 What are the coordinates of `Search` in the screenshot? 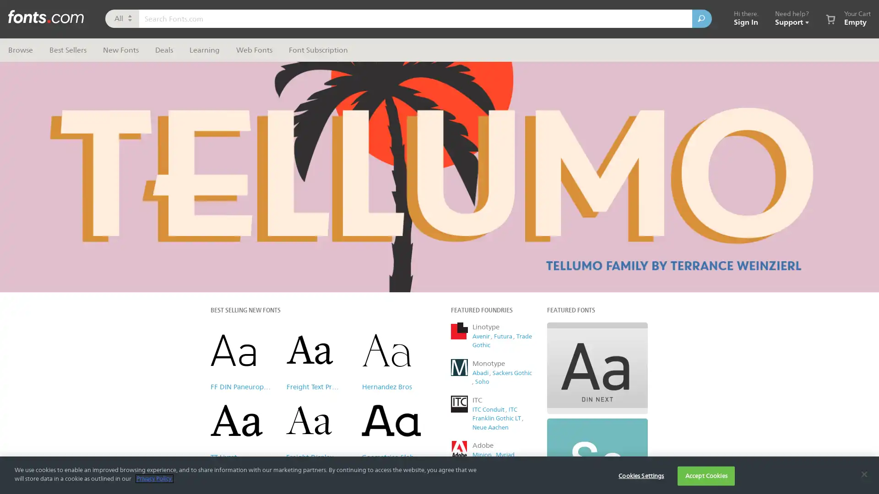 It's located at (701, 19).